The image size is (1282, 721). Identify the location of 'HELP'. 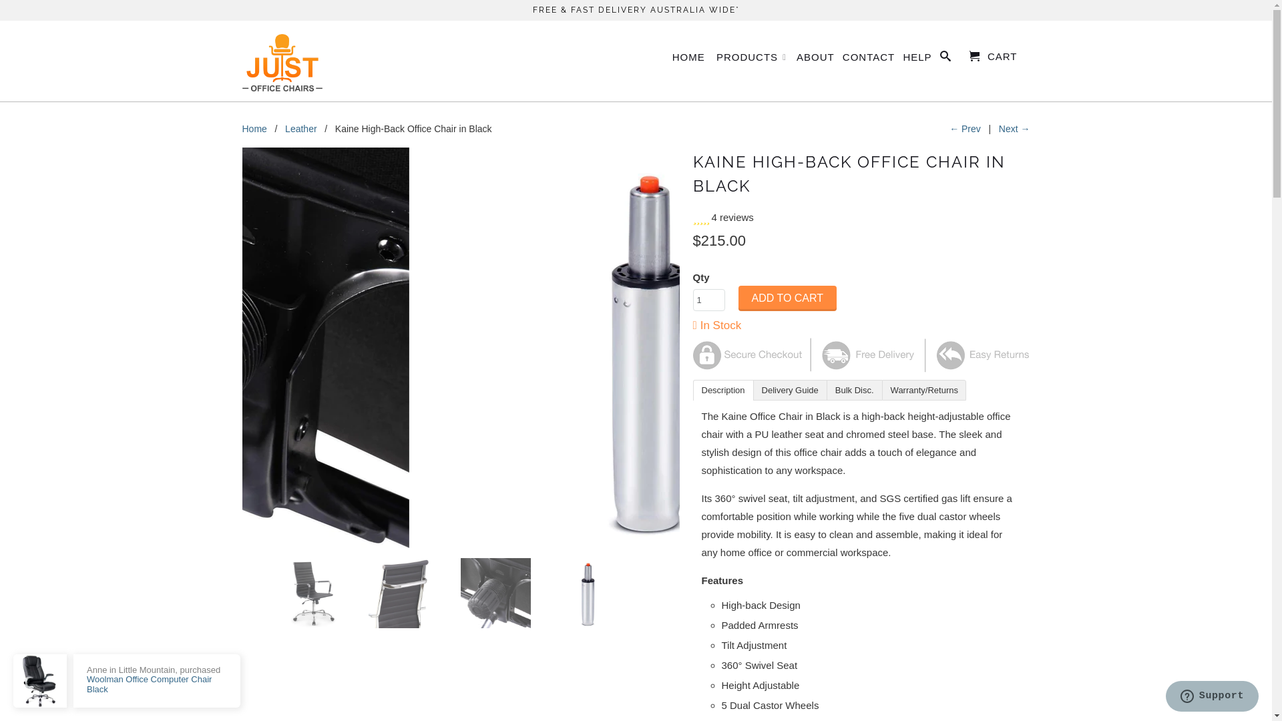
(916, 59).